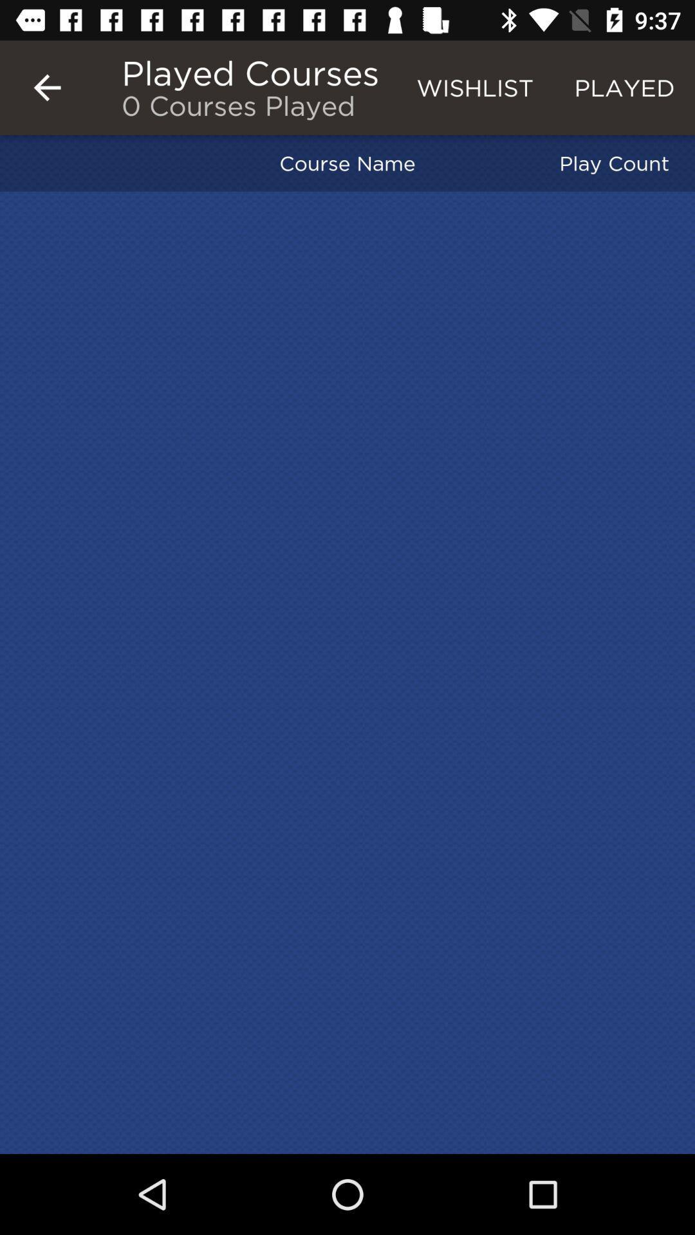 Image resolution: width=695 pixels, height=1235 pixels. I want to click on icon to the left of the played courses icon, so click(46, 87).